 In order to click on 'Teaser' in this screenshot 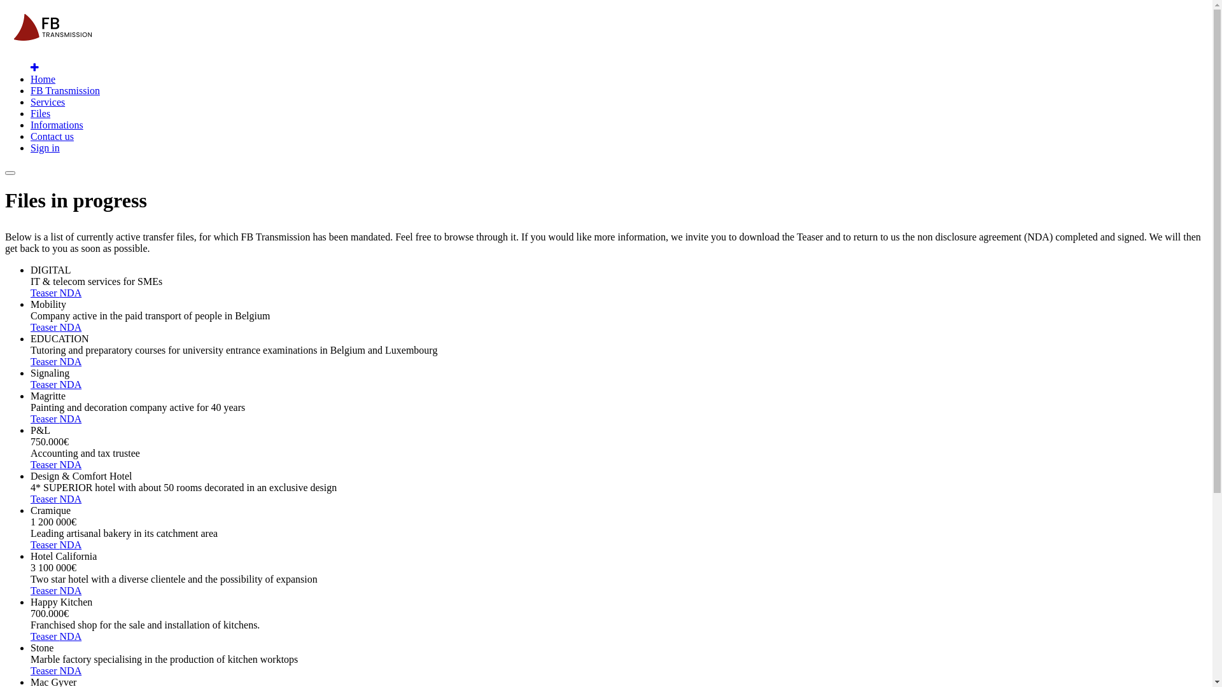, I will do `click(45, 464)`.